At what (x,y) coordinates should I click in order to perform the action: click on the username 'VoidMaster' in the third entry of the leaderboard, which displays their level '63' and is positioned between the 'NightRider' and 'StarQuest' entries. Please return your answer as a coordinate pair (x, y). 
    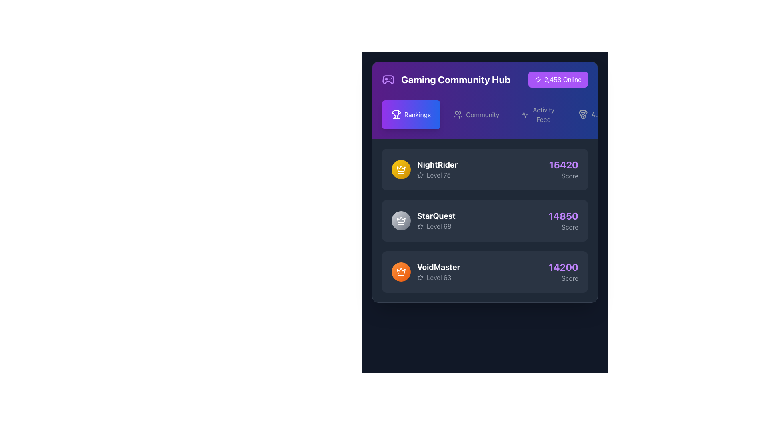
    Looking at the image, I should click on (425, 271).